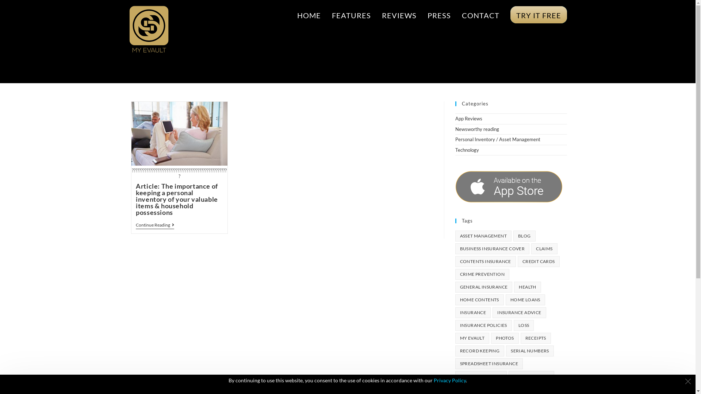  Describe the element at coordinates (476, 129) in the screenshot. I see `'Newsworthy reading'` at that location.